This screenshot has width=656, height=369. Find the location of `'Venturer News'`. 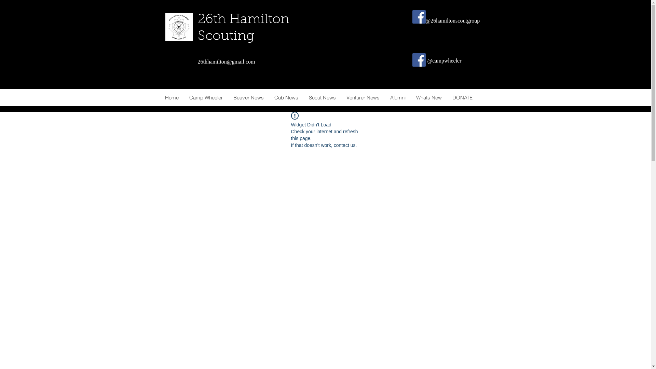

'Venturer News' is located at coordinates (362, 97).